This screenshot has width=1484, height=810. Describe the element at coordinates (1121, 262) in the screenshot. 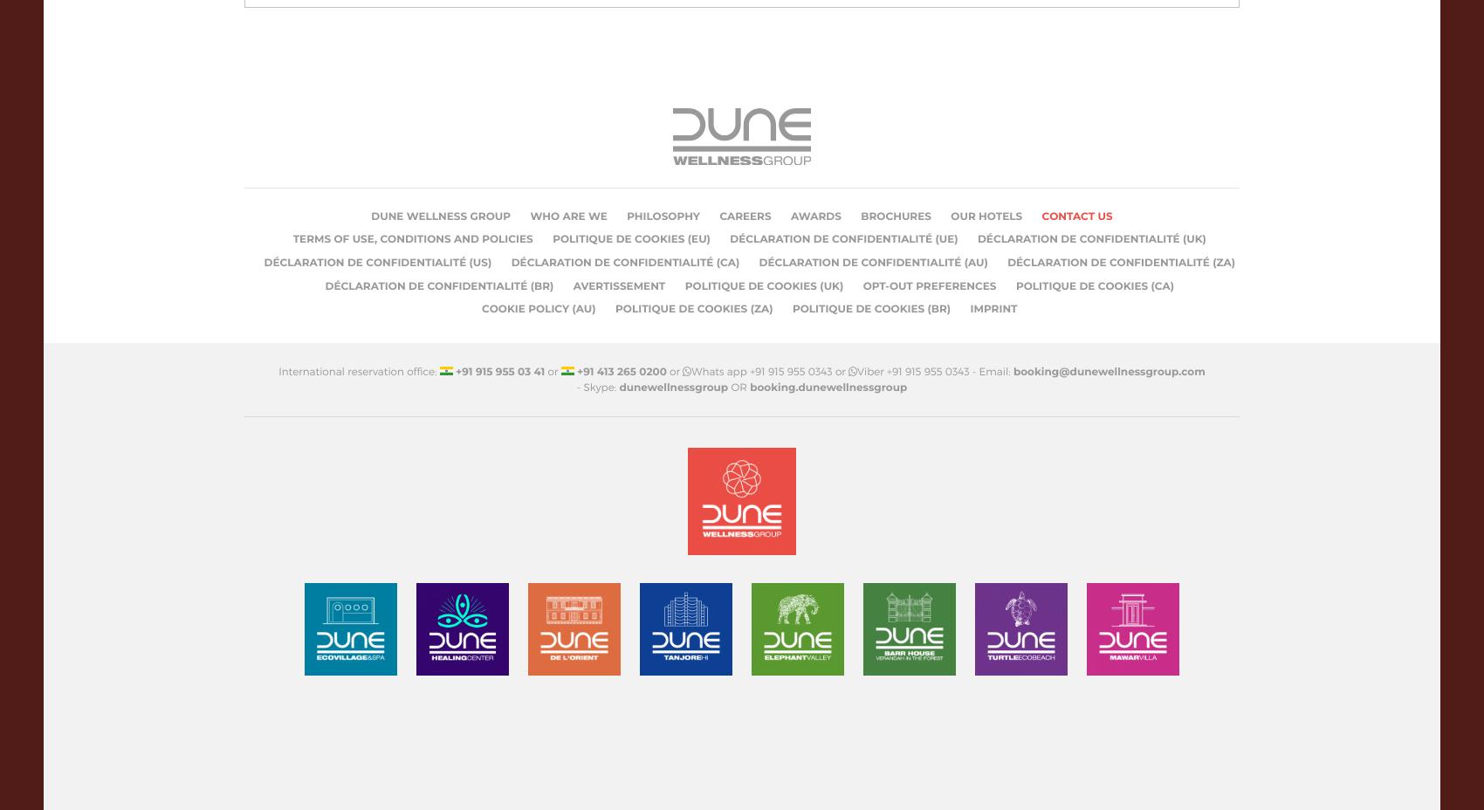

I see `'Déclaration de confidentialité (ZA)'` at that location.